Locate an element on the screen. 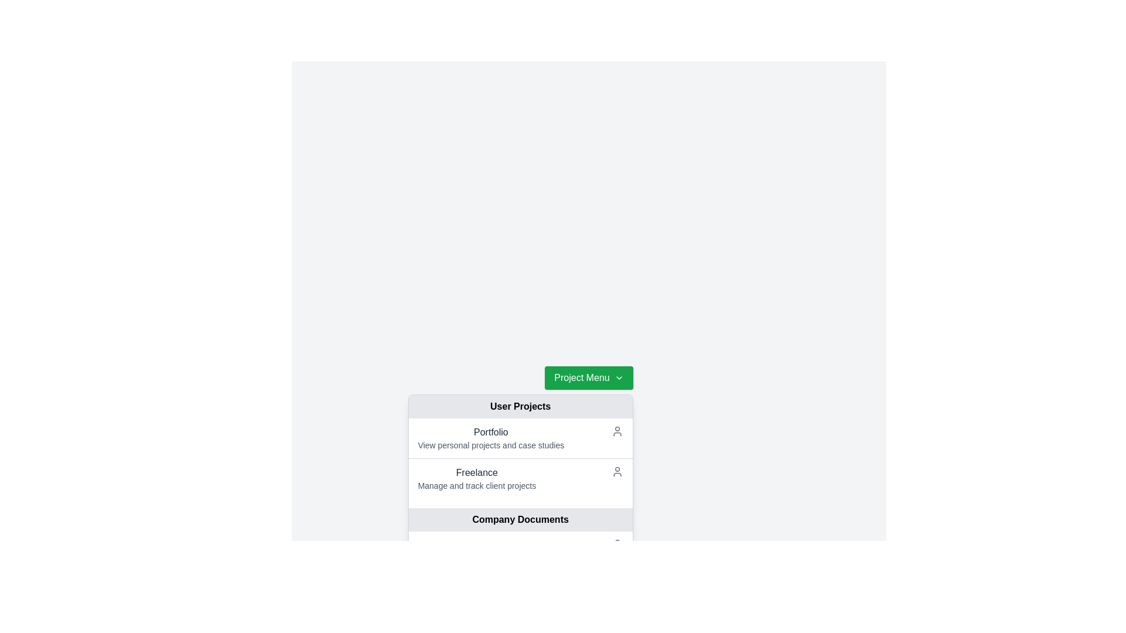  the user profile icon at the far-right edge of the 'Portfolio' row in the 'User Projects' menu is located at coordinates (616, 431).